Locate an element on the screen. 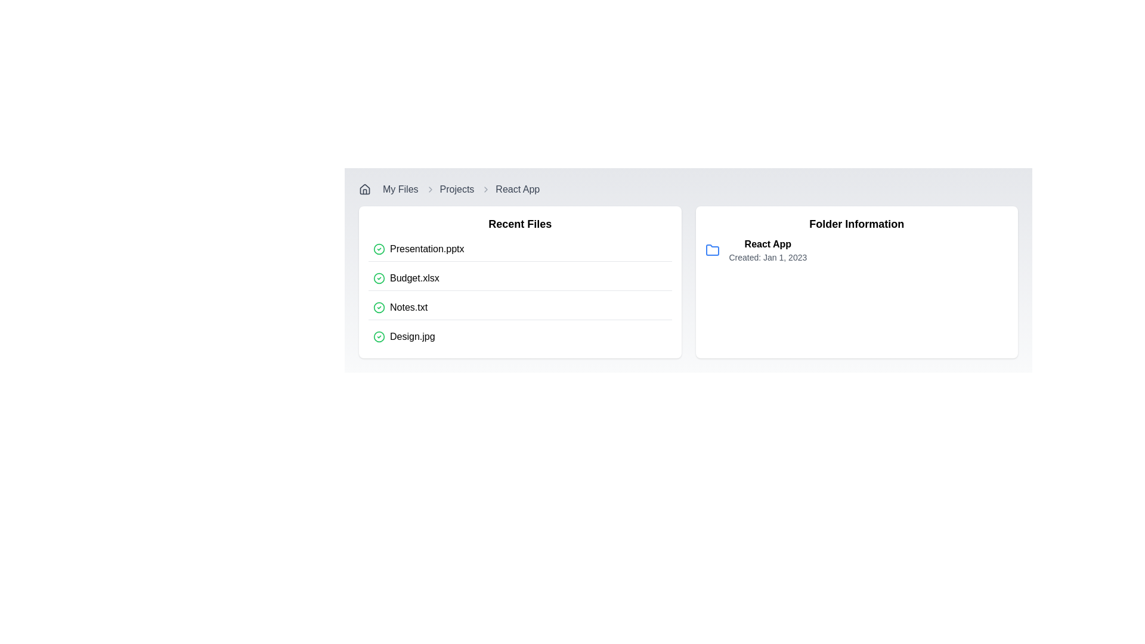 This screenshot has height=644, width=1145. the second item in the breadcrumb navigation, which represents the 'Projects' level, located between 'My Files' and 'React App' is located at coordinates (449, 188).